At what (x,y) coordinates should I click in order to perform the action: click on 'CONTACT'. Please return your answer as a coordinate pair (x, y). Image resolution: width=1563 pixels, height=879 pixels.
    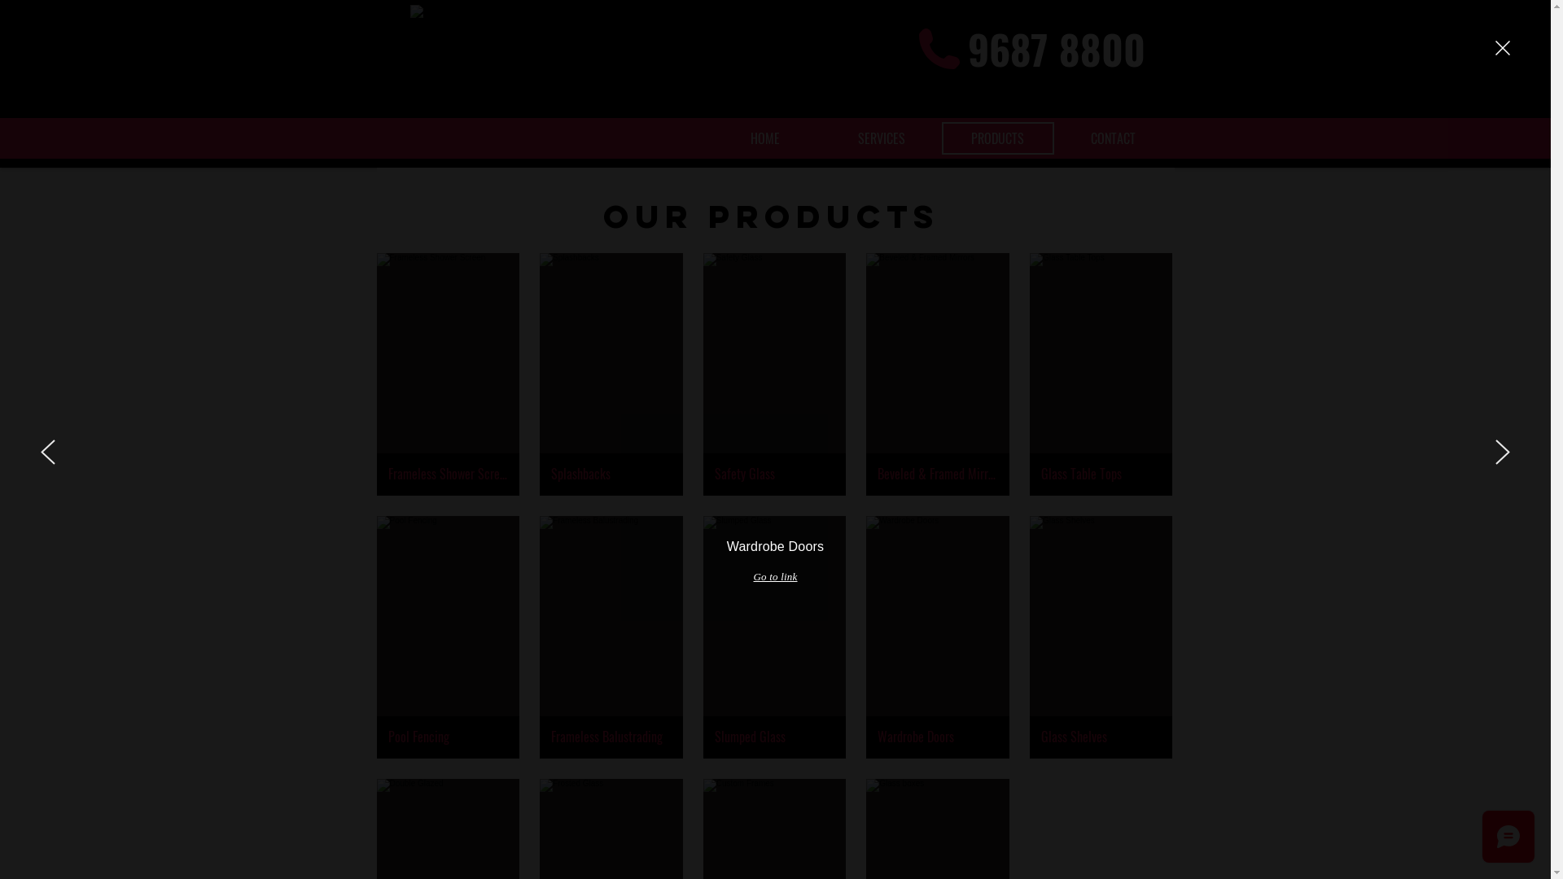
    Looking at the image, I should click on (1112, 137).